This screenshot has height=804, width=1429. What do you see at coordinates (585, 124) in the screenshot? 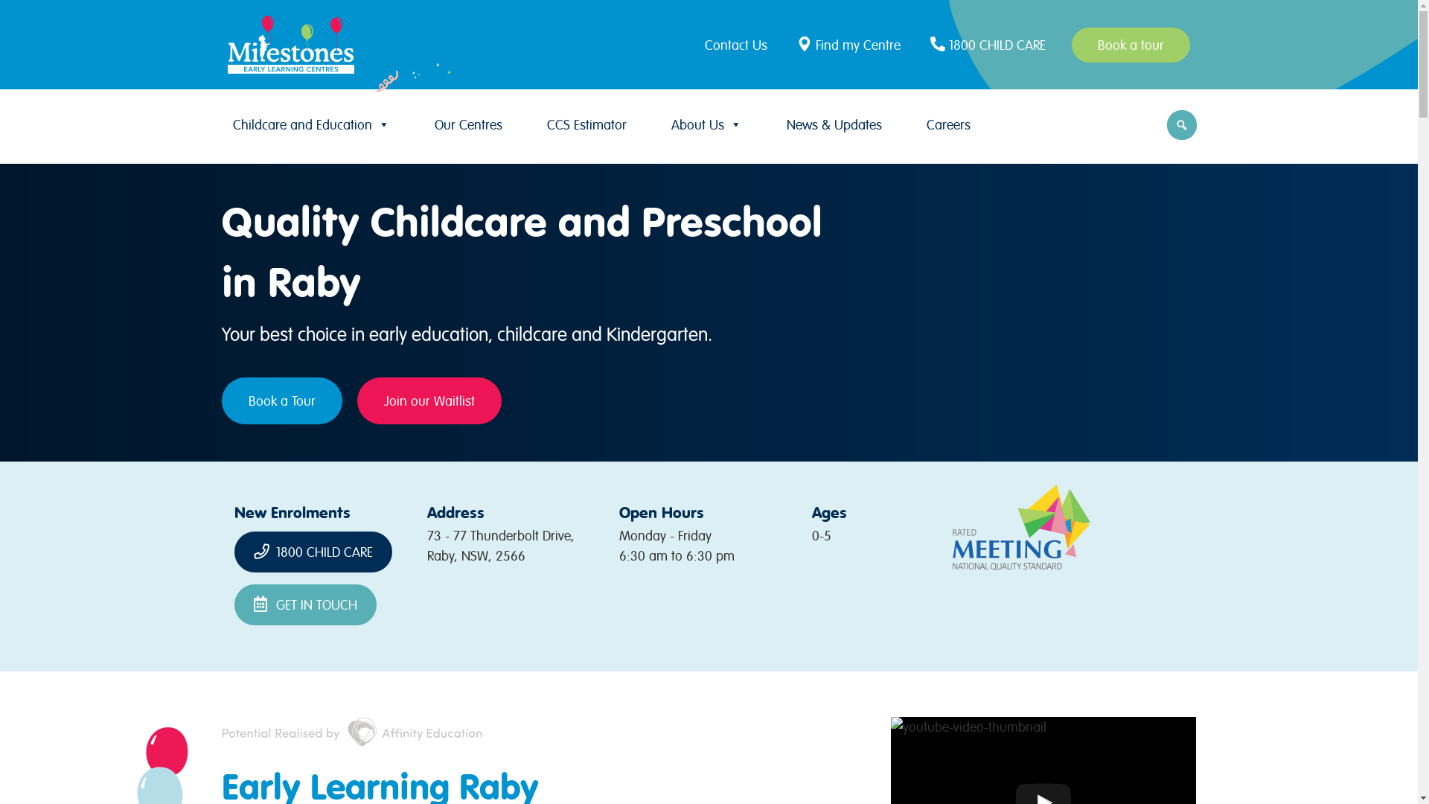
I see `'CCS Estimator'` at bounding box center [585, 124].